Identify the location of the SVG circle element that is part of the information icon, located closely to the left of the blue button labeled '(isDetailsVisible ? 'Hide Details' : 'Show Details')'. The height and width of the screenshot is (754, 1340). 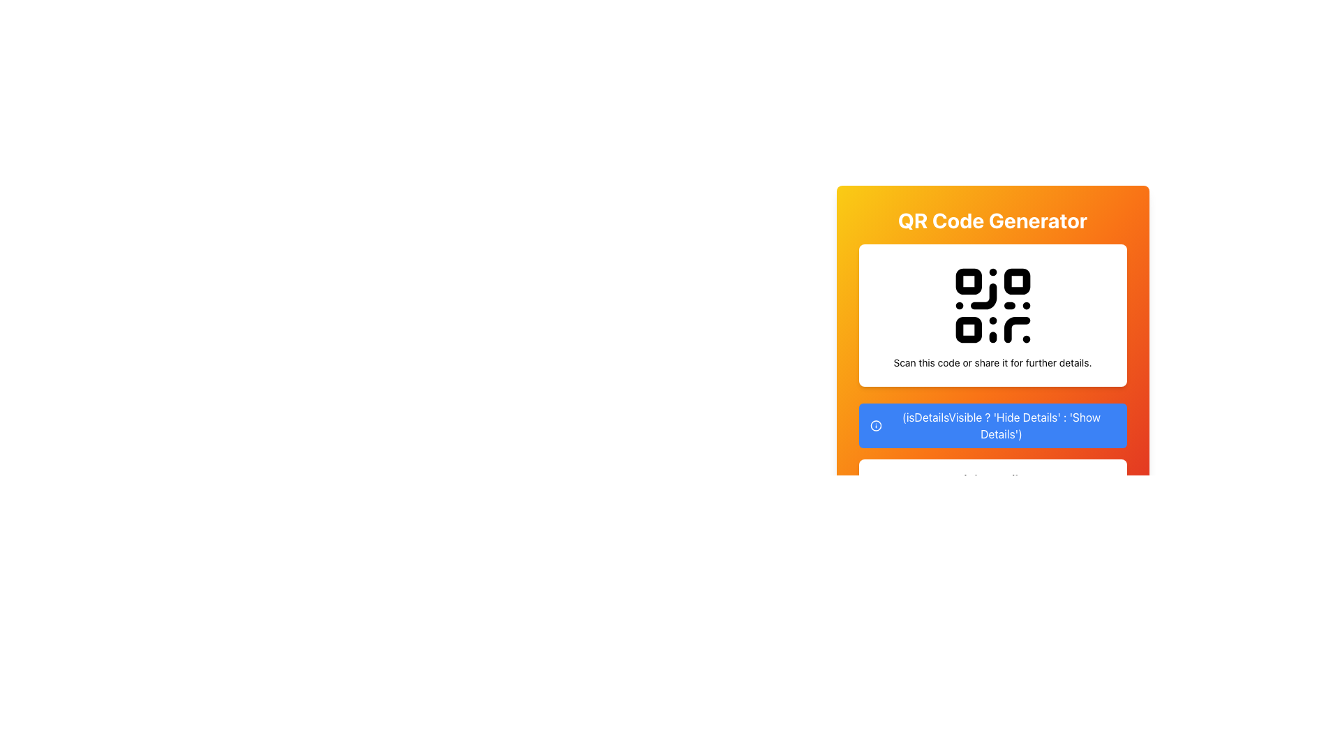
(874, 424).